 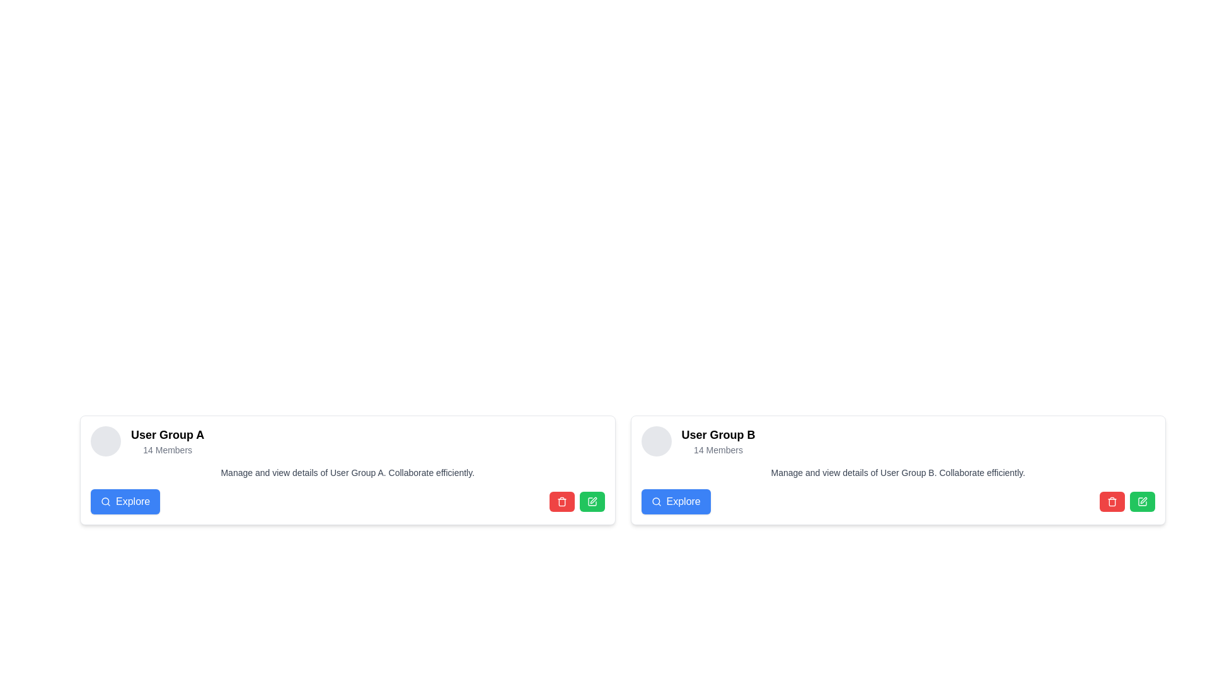 What do you see at coordinates (591, 501) in the screenshot?
I see `the edit button with a graphical icon located to the right of the red trash can button in the 'User Group A' card` at bounding box center [591, 501].